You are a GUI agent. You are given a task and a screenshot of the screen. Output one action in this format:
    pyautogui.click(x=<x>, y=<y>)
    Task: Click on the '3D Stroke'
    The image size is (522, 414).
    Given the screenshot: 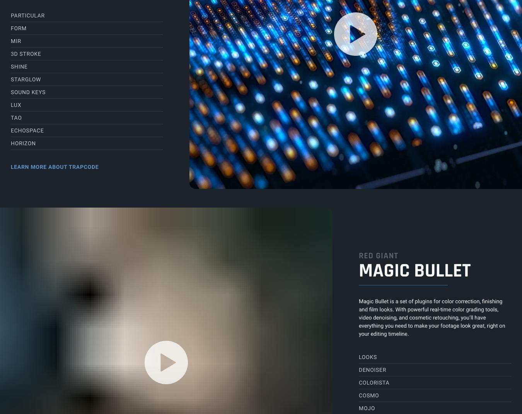 What is the action you would take?
    pyautogui.click(x=25, y=53)
    